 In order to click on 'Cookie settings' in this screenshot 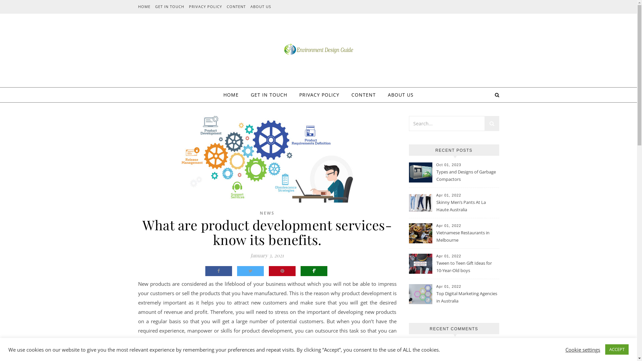, I will do `click(582, 349)`.